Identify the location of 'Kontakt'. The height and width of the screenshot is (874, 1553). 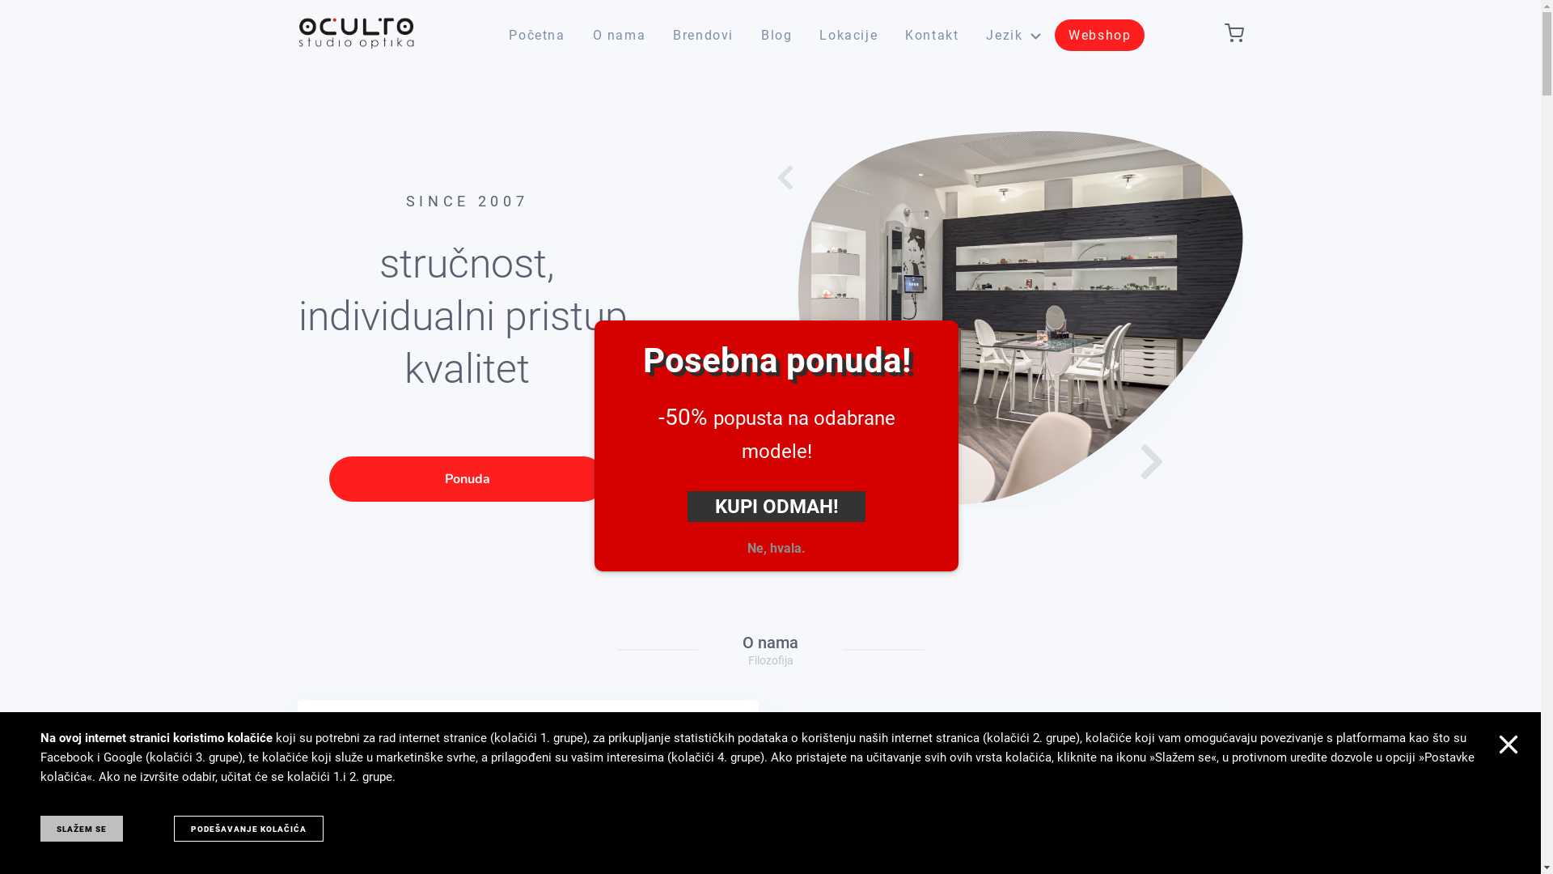
(932, 35).